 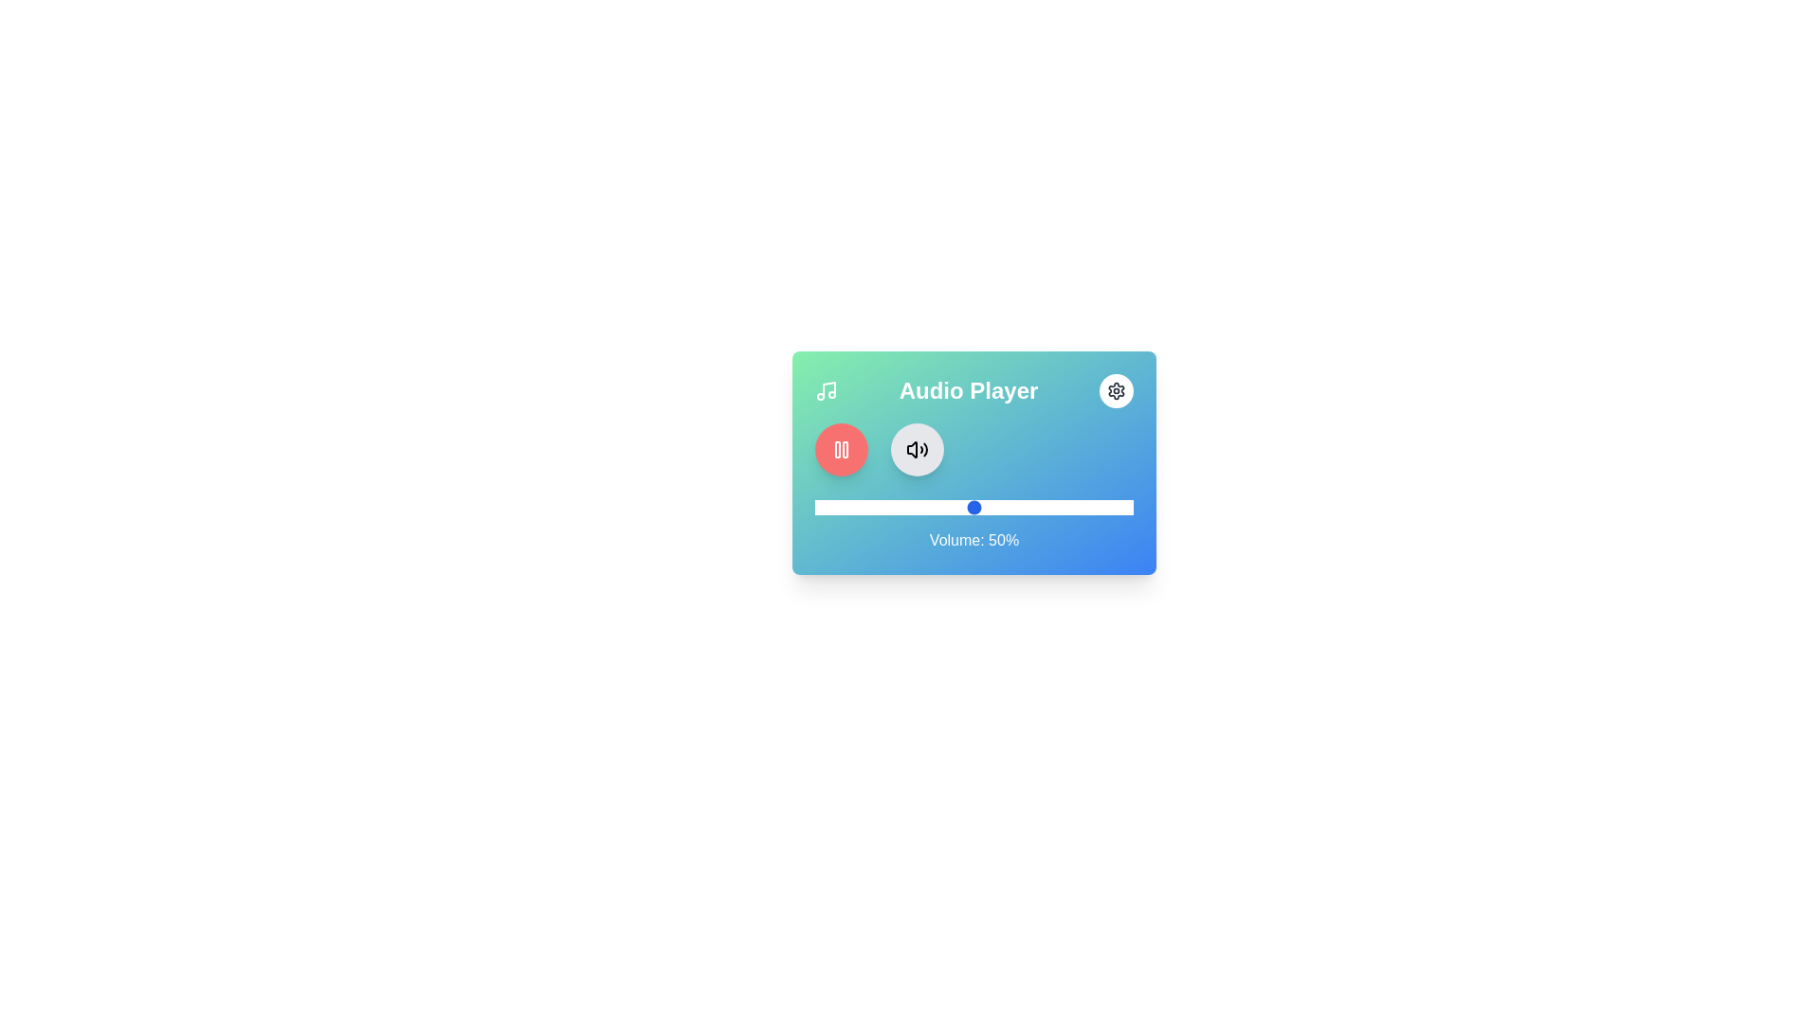 What do you see at coordinates (1028, 507) in the screenshot?
I see `the audio player's volume` at bounding box center [1028, 507].